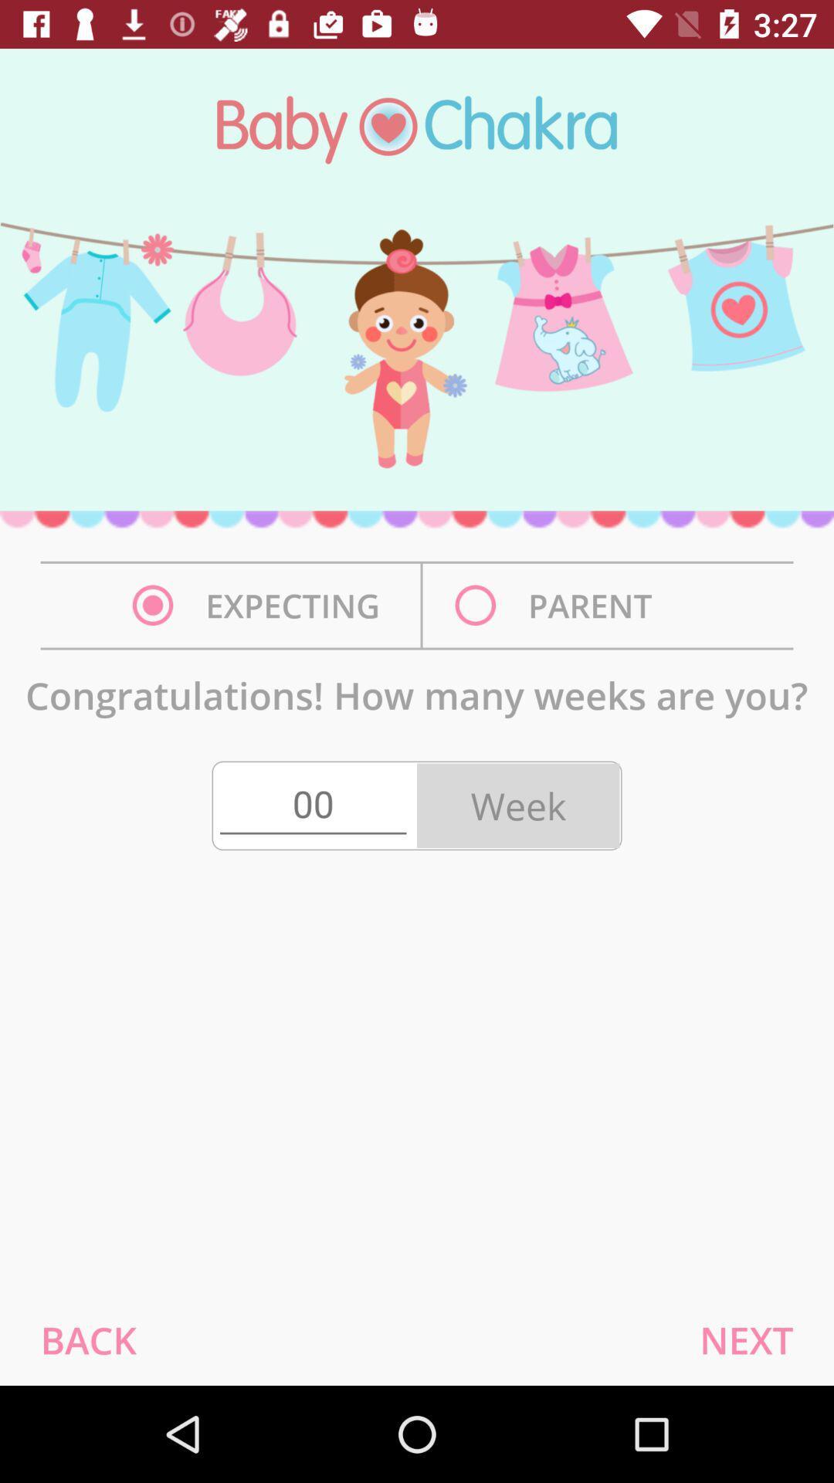  I want to click on the icon next to the back icon, so click(745, 1339).